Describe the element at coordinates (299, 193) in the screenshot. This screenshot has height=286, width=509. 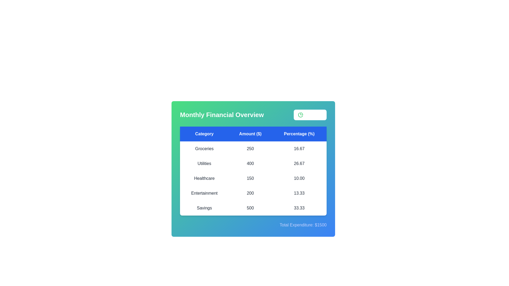
I see `the percentage value for the category Entertainment` at that location.